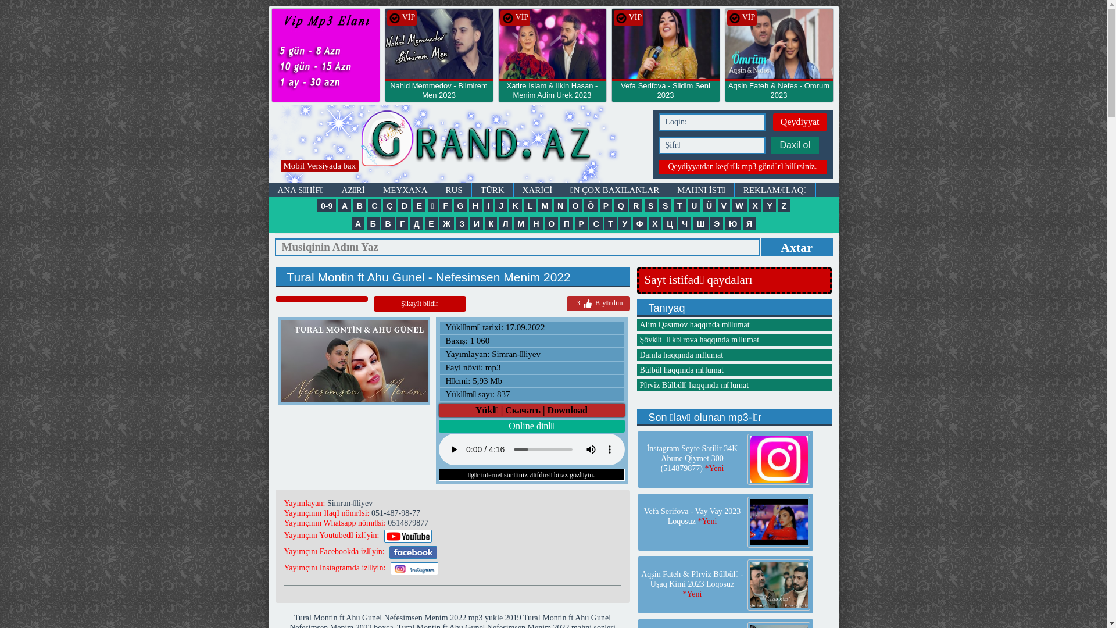 This screenshot has height=628, width=1116. Describe the element at coordinates (405, 190) in the screenshot. I see `'MEYXANA'` at that location.